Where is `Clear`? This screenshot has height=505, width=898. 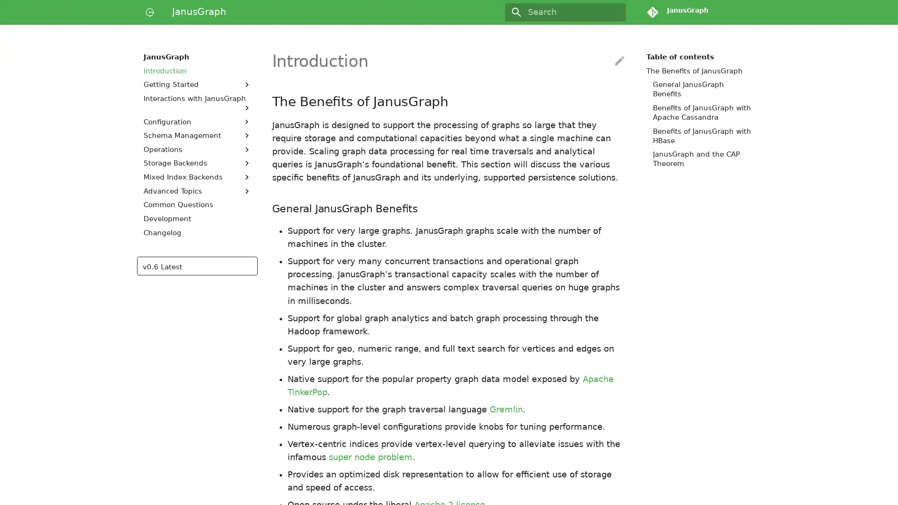
Clear is located at coordinates (615, 12).